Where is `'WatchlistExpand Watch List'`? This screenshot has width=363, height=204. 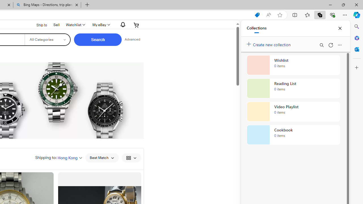 'WatchlistExpand Watch List' is located at coordinates (75, 25).